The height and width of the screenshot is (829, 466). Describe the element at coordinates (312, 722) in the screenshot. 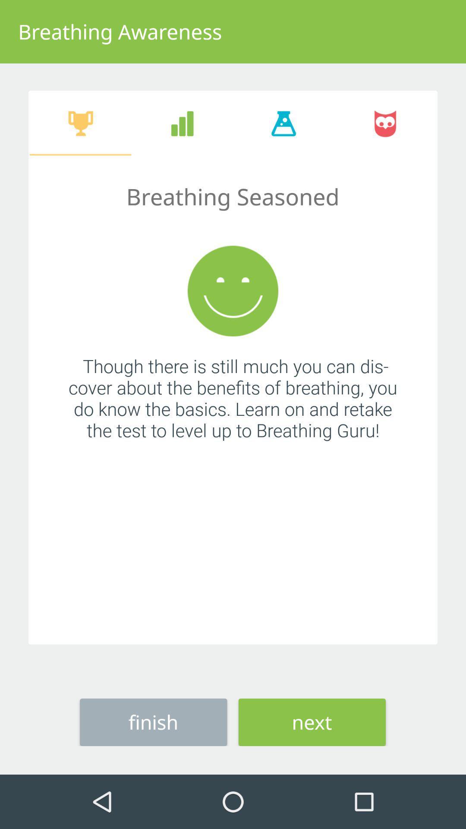

I see `button next to the finish icon` at that location.